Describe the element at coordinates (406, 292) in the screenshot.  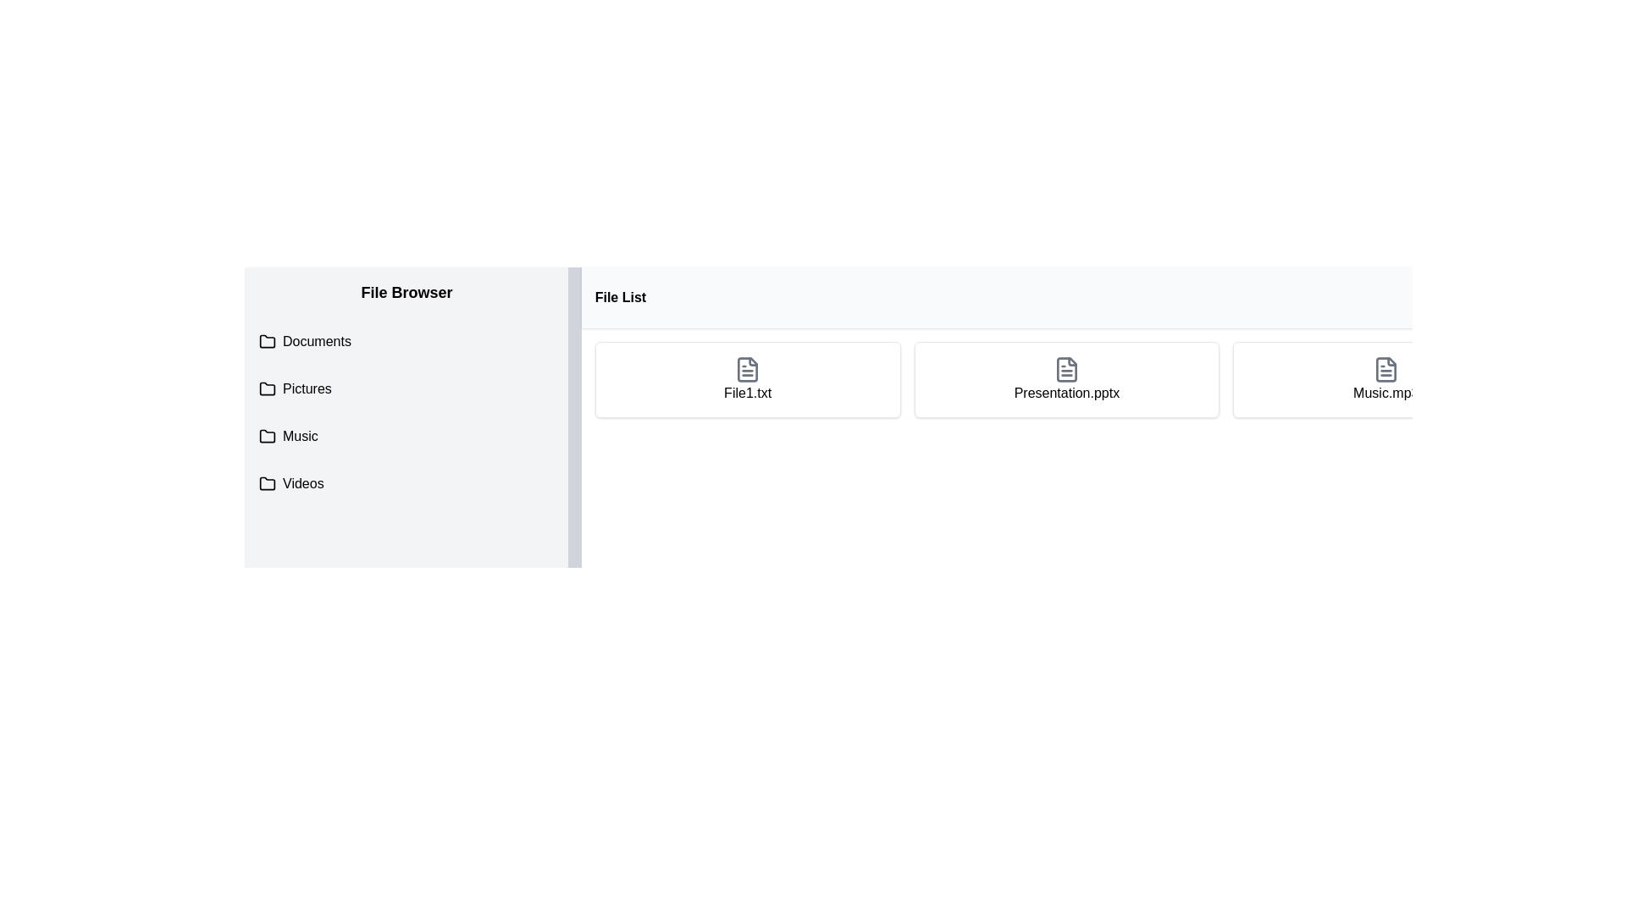
I see `the 'File Browser' label located at the top of the vertical menu bar in the sidebar` at that location.